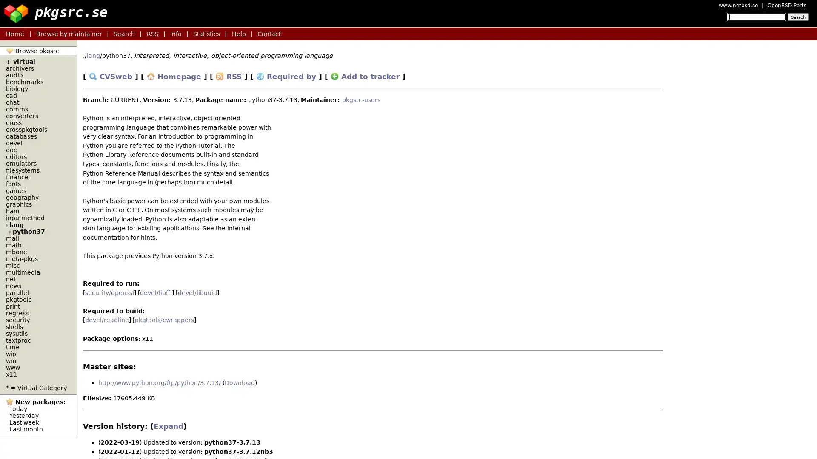 Image resolution: width=817 pixels, height=459 pixels. Describe the element at coordinates (797, 17) in the screenshot. I see `Search` at that location.